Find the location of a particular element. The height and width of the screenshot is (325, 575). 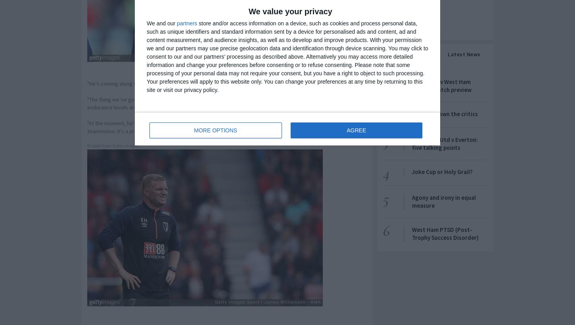

'Joke Cup or Holy Grail?' is located at coordinates (442, 171).